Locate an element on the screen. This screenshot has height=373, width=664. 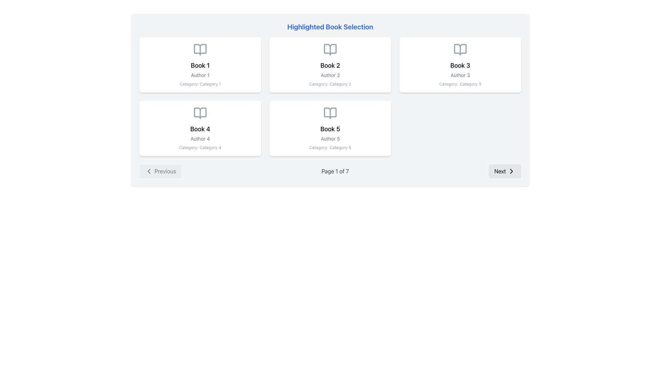
the book icon located in the card labeled 'Book 4', which is positioned centrally above the title text 'Book 4' is located at coordinates (200, 113).